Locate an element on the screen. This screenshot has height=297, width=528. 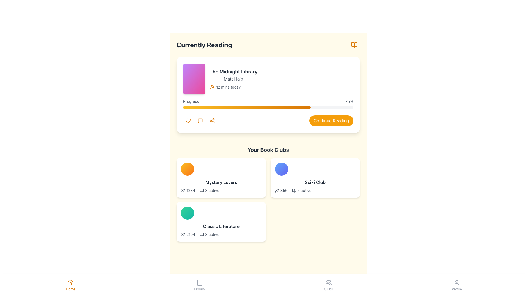
the small outline-style icon resembling a group of people located at the bottom-left corner of the 'Classic Literature' card under 'Your Book Clubs', which is directly to the left of the number '2104' is located at coordinates (183, 234).